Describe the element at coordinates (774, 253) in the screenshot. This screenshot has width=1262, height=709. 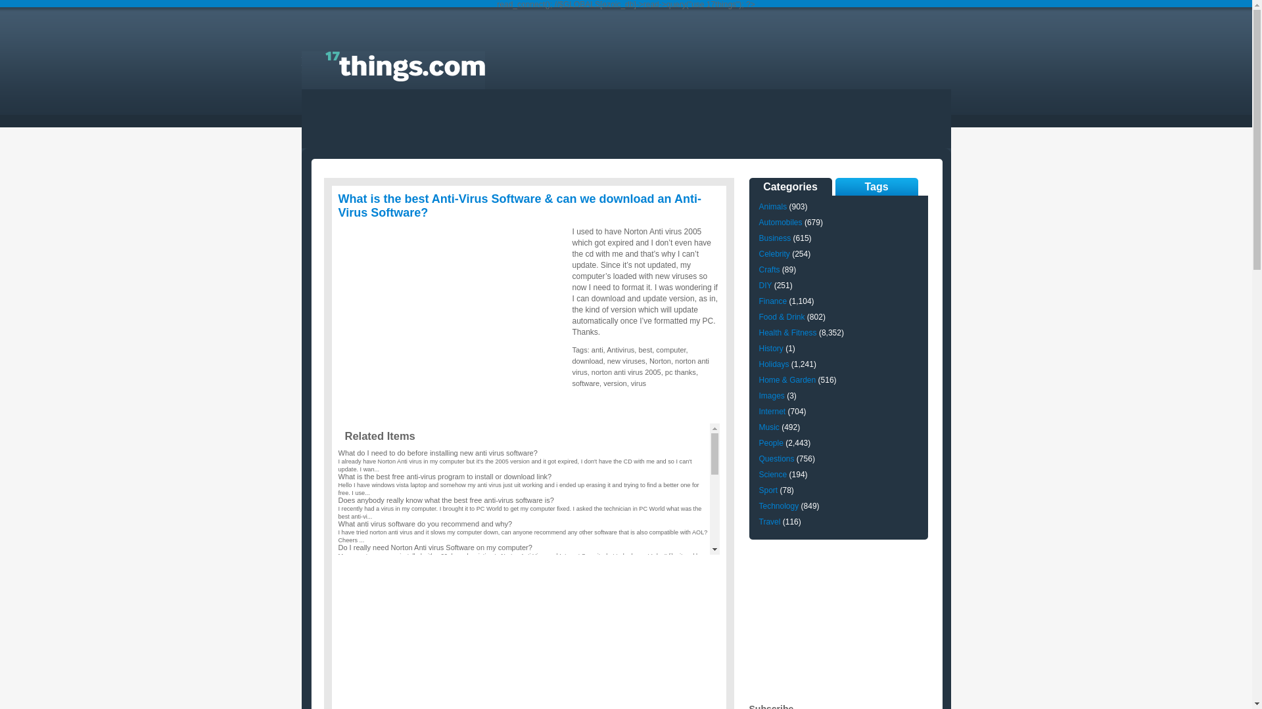
I see `'Celebrity'` at that location.